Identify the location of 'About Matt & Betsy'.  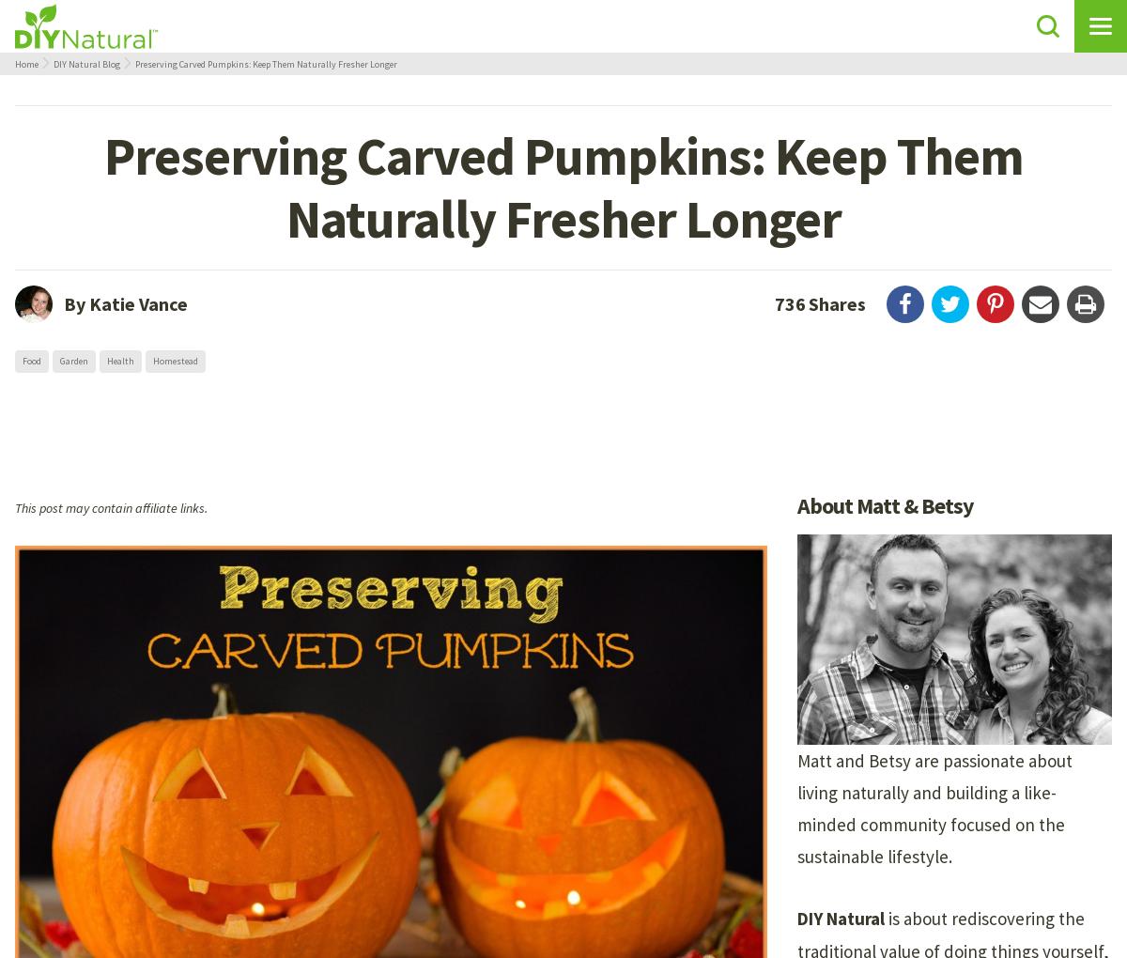
(885, 503).